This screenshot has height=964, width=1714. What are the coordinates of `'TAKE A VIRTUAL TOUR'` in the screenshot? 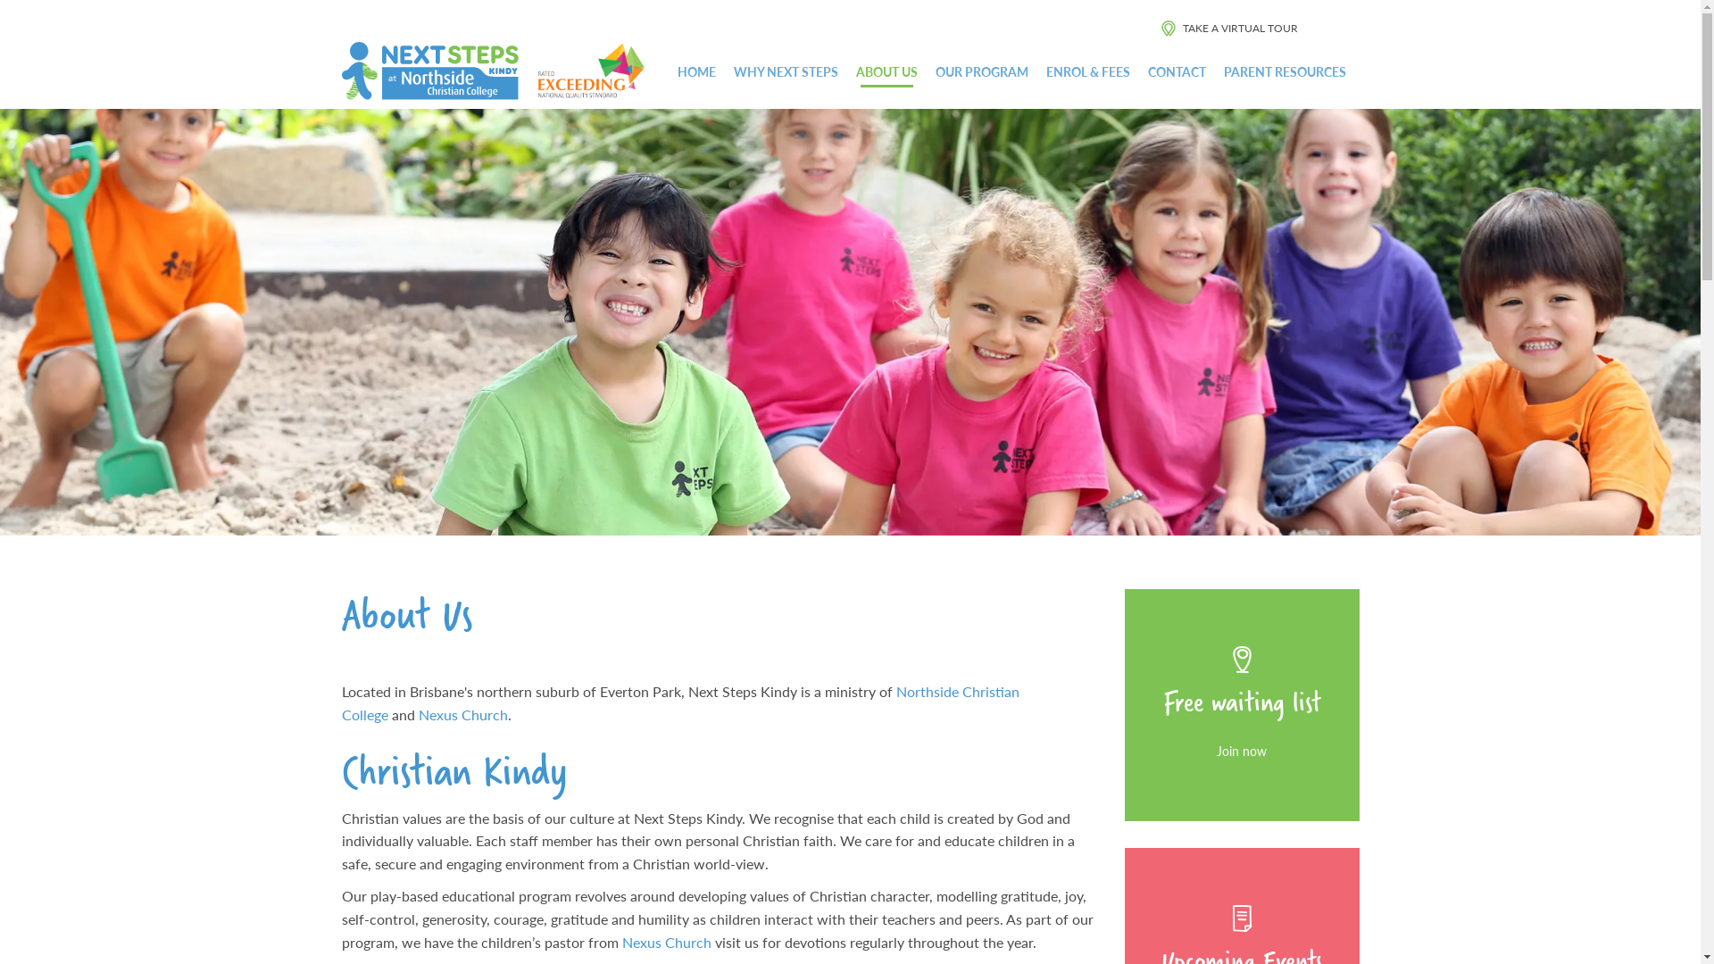 It's located at (1228, 26).